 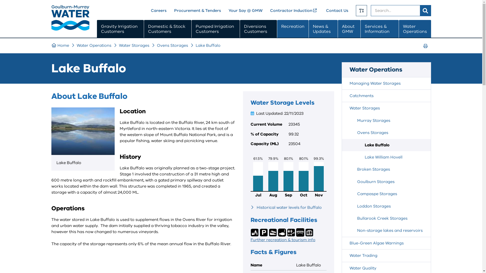 I want to click on 'Further recreation & tourism info', so click(x=283, y=239).